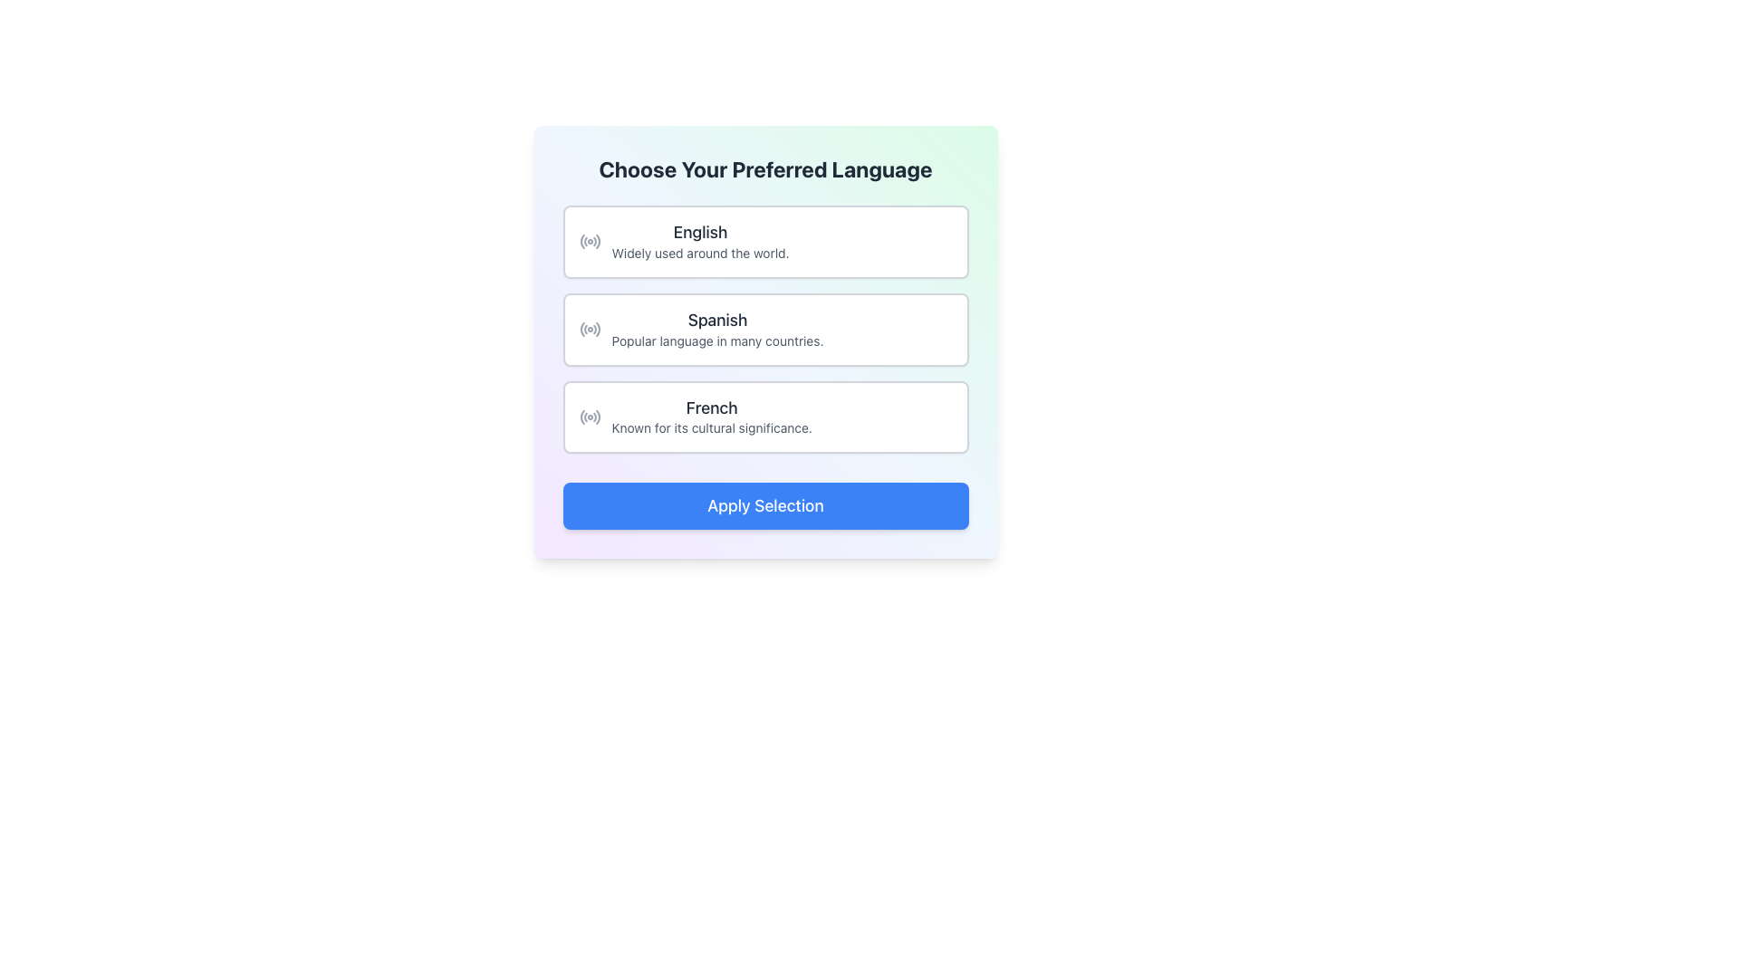 The width and height of the screenshot is (1739, 978). What do you see at coordinates (716, 320) in the screenshot?
I see `text content of the prominent text label 'Spanish' styled with a larger font size and bold weight, located above the subtext 'Popular language in many countries.'` at bounding box center [716, 320].